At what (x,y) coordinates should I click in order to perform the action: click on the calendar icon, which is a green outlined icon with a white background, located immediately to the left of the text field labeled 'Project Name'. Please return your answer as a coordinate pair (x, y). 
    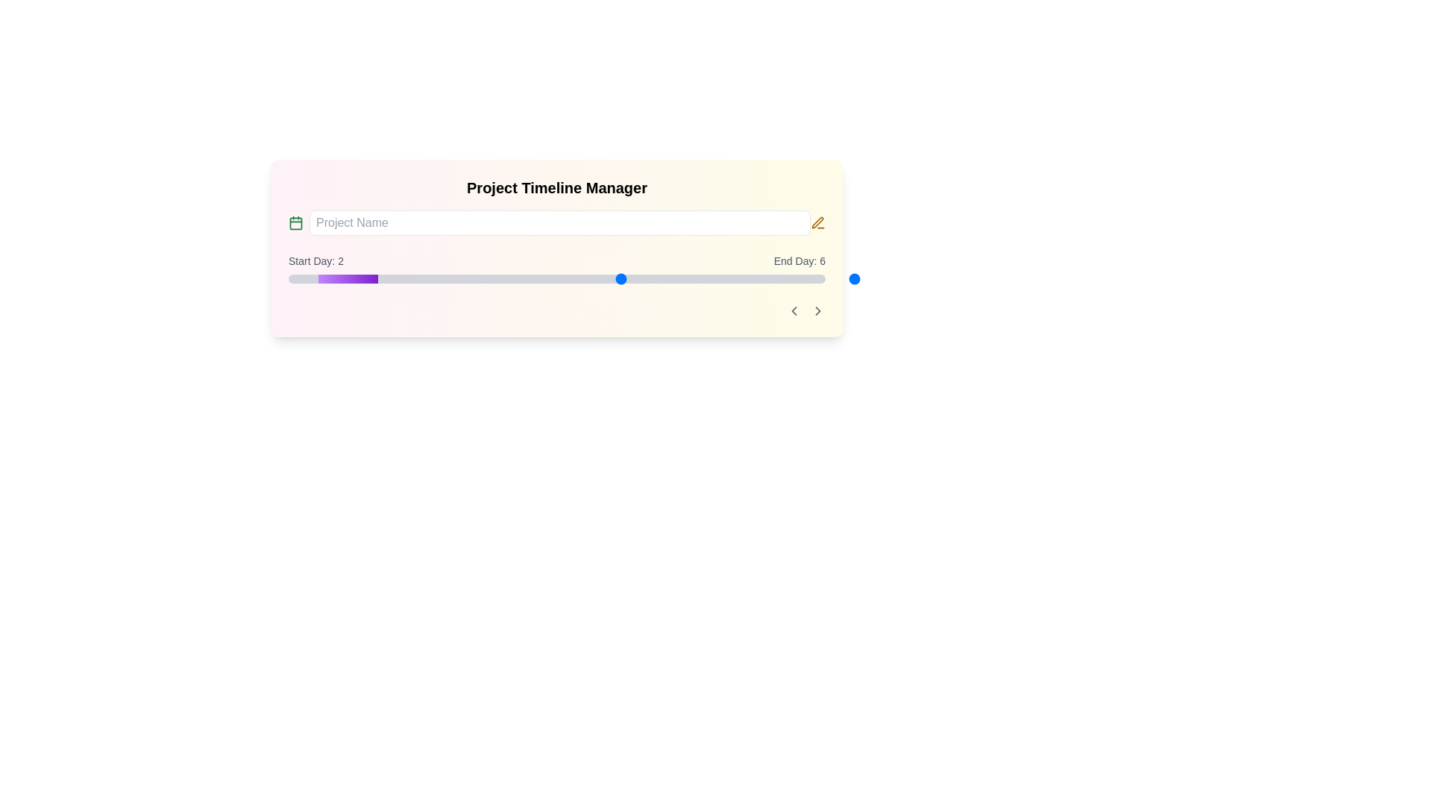
    Looking at the image, I should click on (296, 223).